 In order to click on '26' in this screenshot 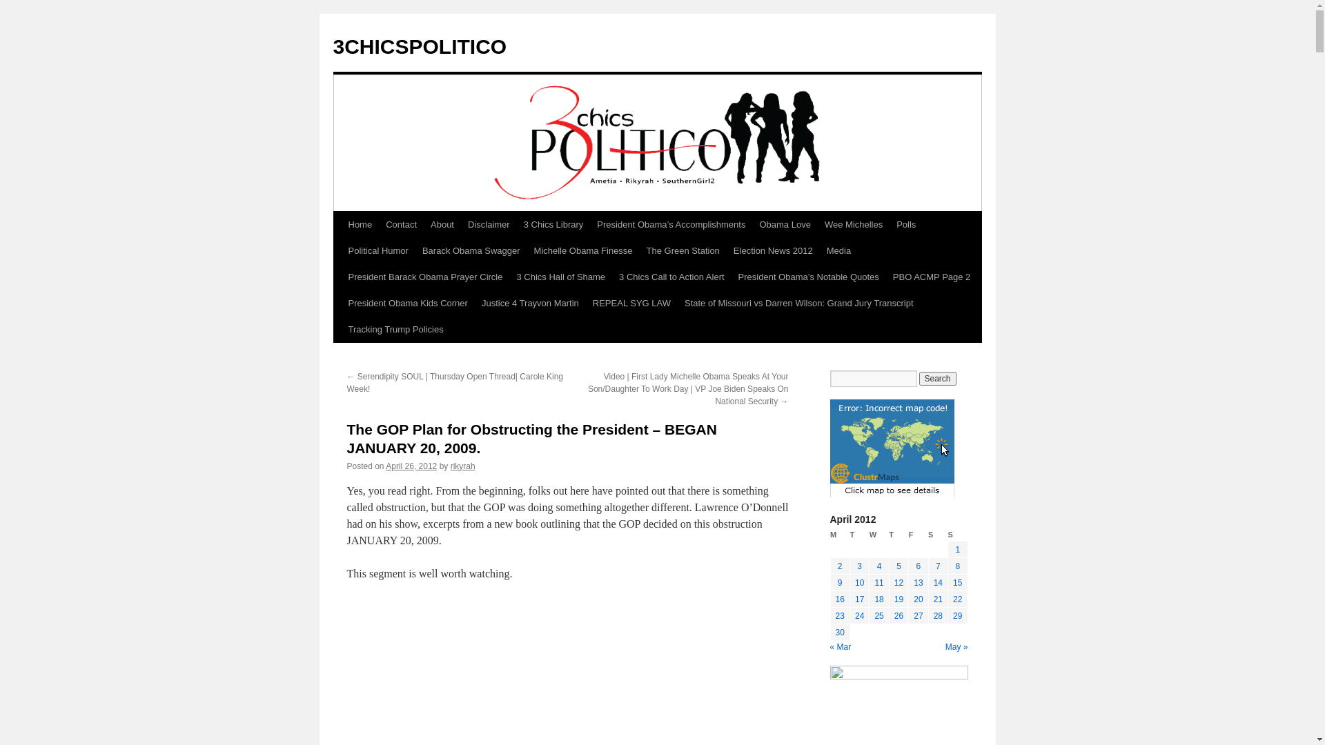, I will do `click(899, 615)`.